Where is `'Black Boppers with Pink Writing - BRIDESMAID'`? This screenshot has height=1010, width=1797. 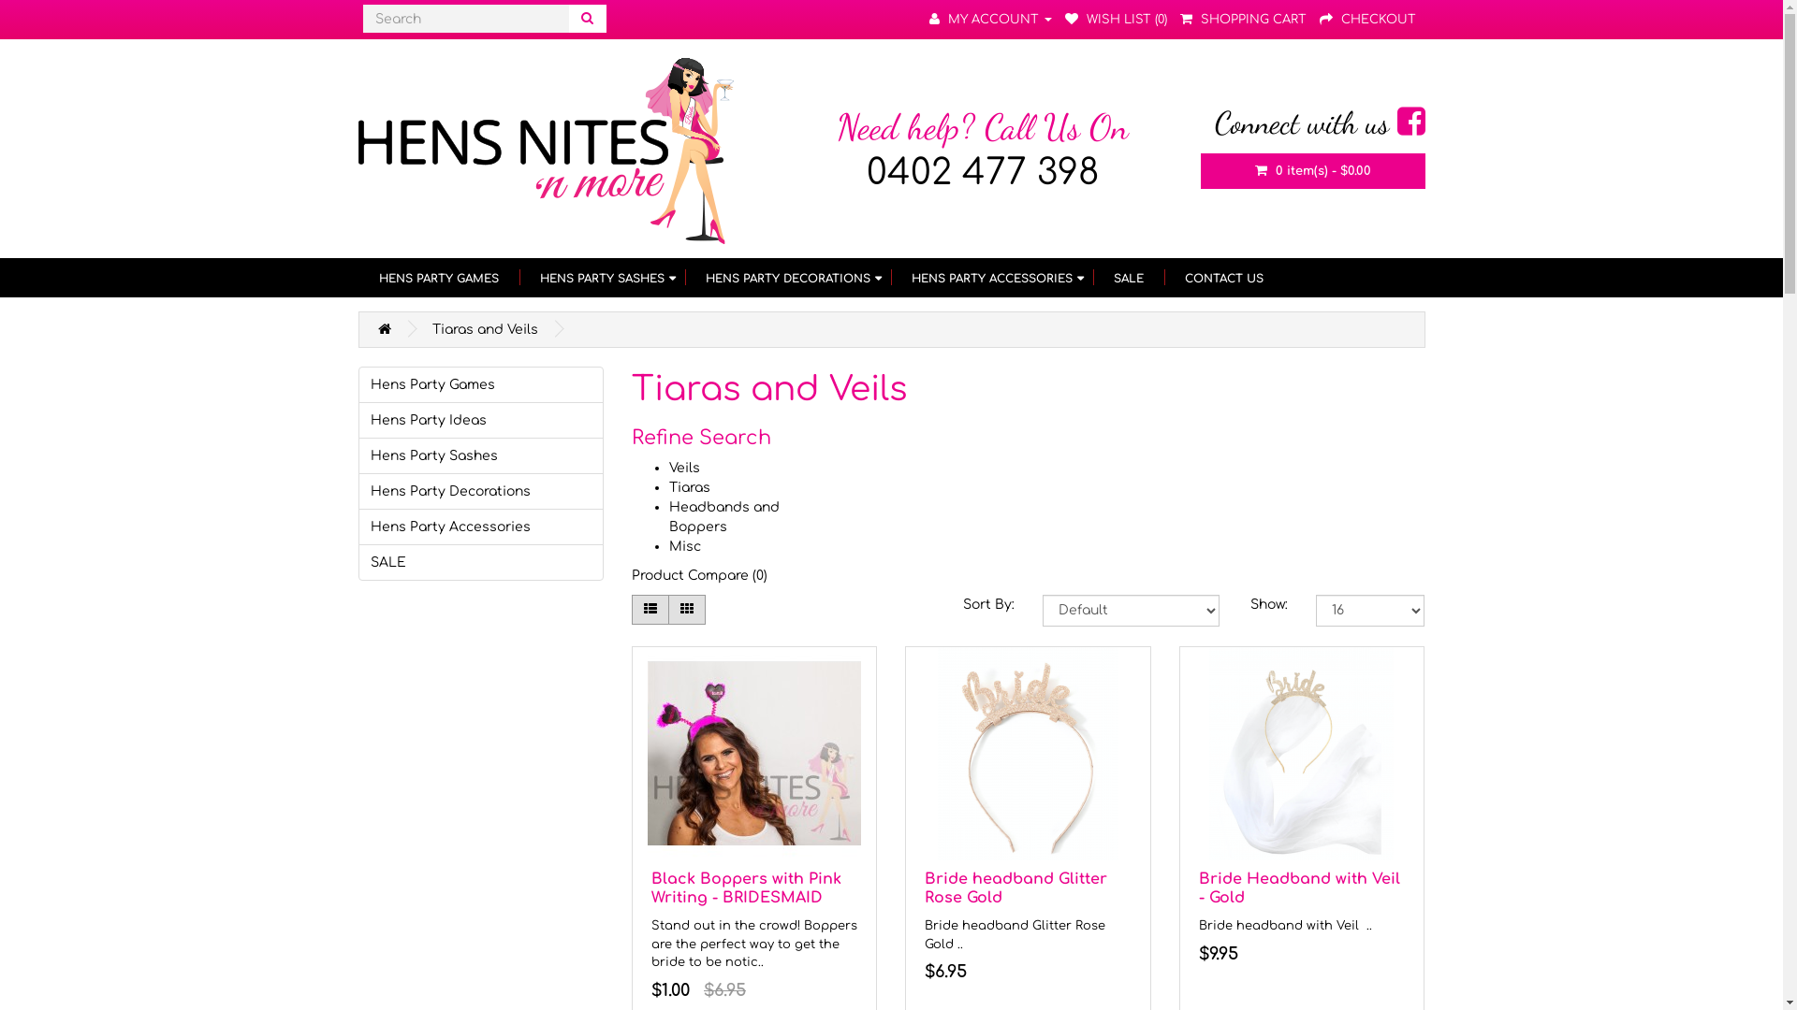 'Black Boppers with Pink Writing - BRIDESMAID' is located at coordinates (745, 887).